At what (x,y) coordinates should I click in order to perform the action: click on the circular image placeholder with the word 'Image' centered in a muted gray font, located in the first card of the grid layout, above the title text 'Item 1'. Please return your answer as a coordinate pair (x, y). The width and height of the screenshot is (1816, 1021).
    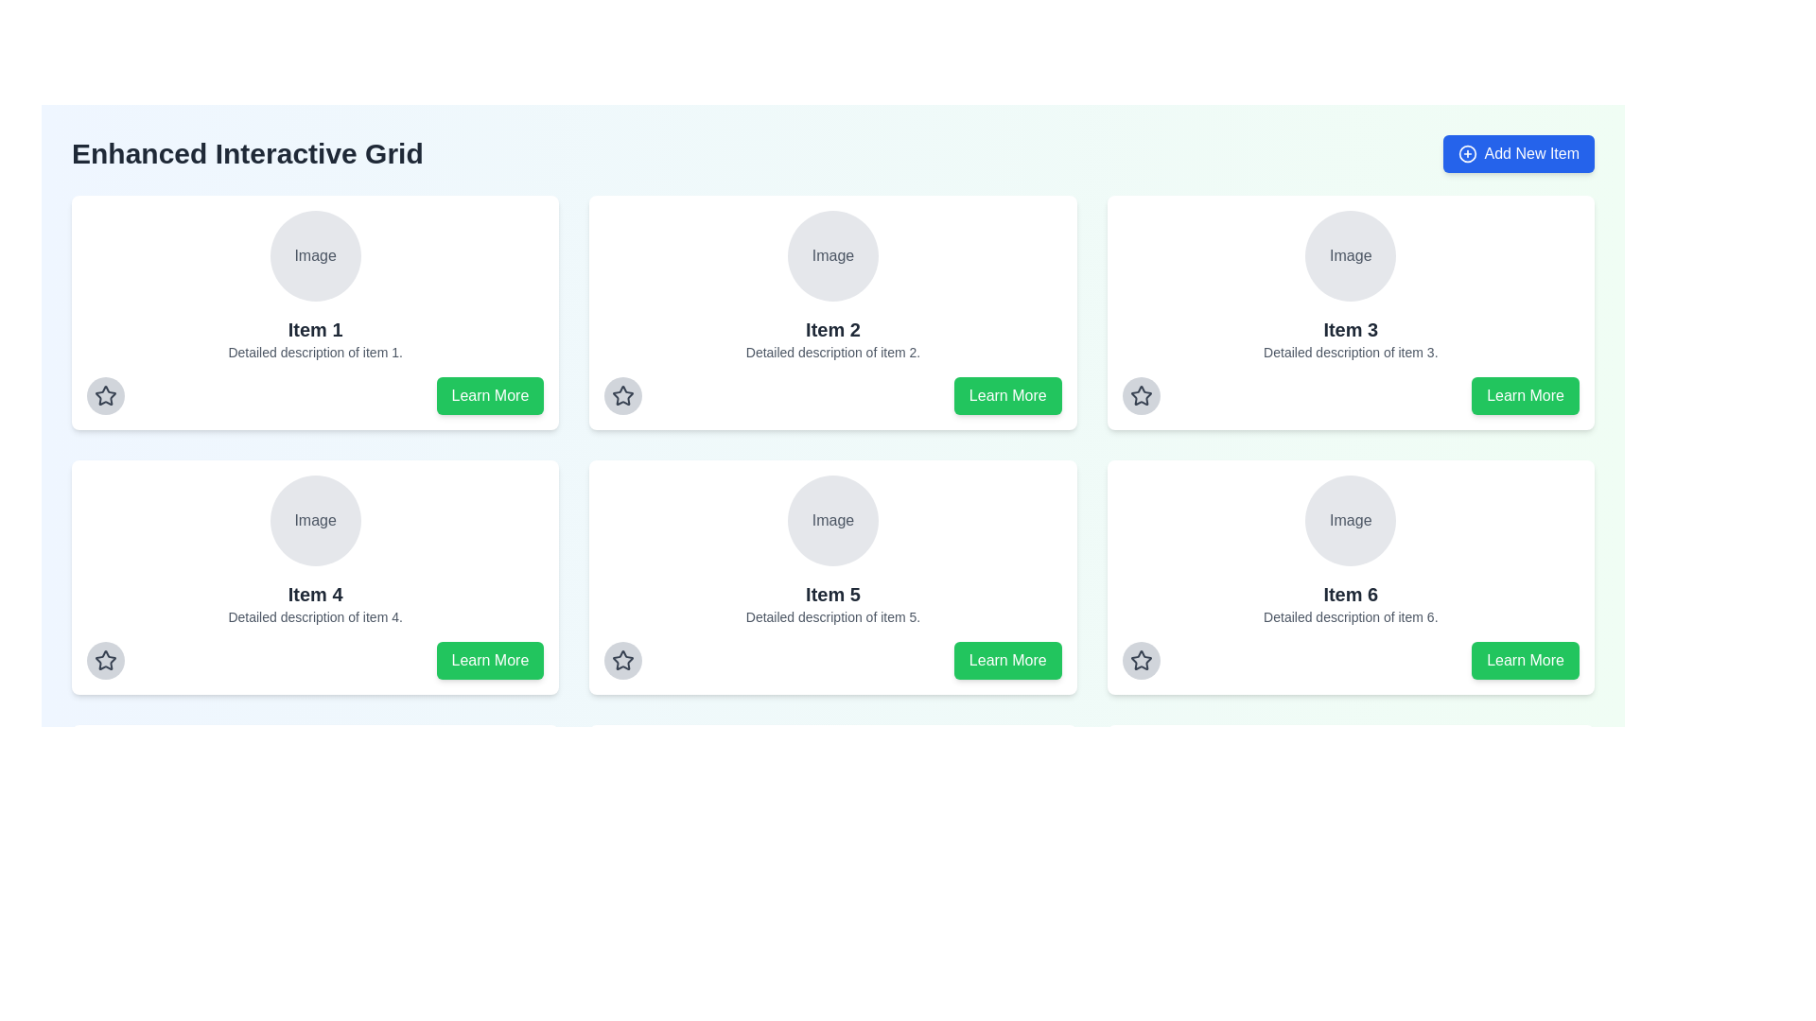
    Looking at the image, I should click on (315, 255).